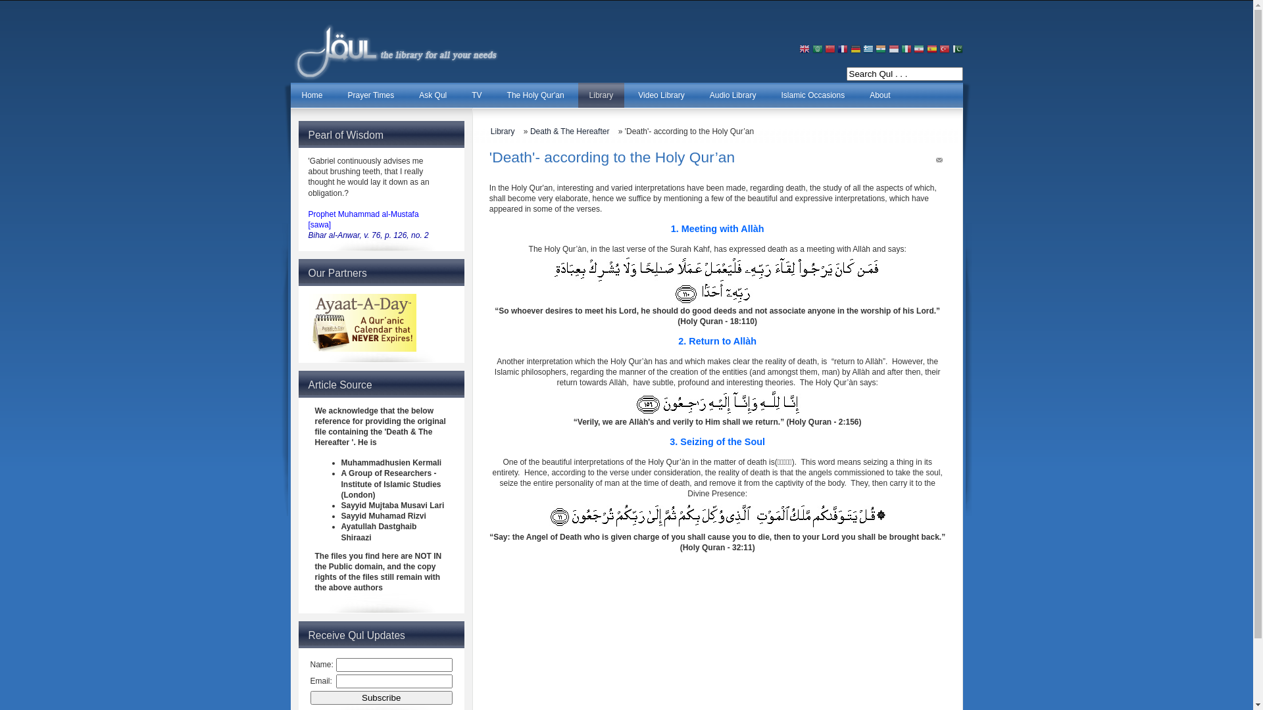 This screenshot has width=1263, height=710. What do you see at coordinates (804, 49) in the screenshot?
I see `'English'` at bounding box center [804, 49].